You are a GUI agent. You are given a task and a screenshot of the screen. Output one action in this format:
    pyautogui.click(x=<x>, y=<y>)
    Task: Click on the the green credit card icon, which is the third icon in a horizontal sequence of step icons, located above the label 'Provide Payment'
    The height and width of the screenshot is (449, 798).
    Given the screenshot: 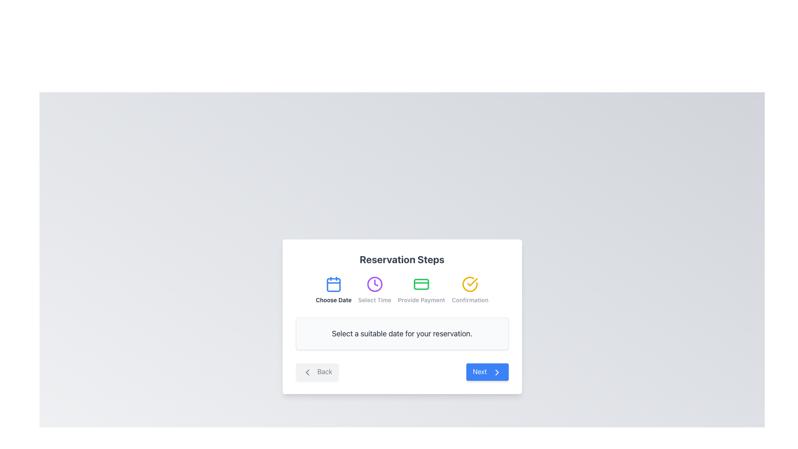 What is the action you would take?
    pyautogui.click(x=421, y=284)
    